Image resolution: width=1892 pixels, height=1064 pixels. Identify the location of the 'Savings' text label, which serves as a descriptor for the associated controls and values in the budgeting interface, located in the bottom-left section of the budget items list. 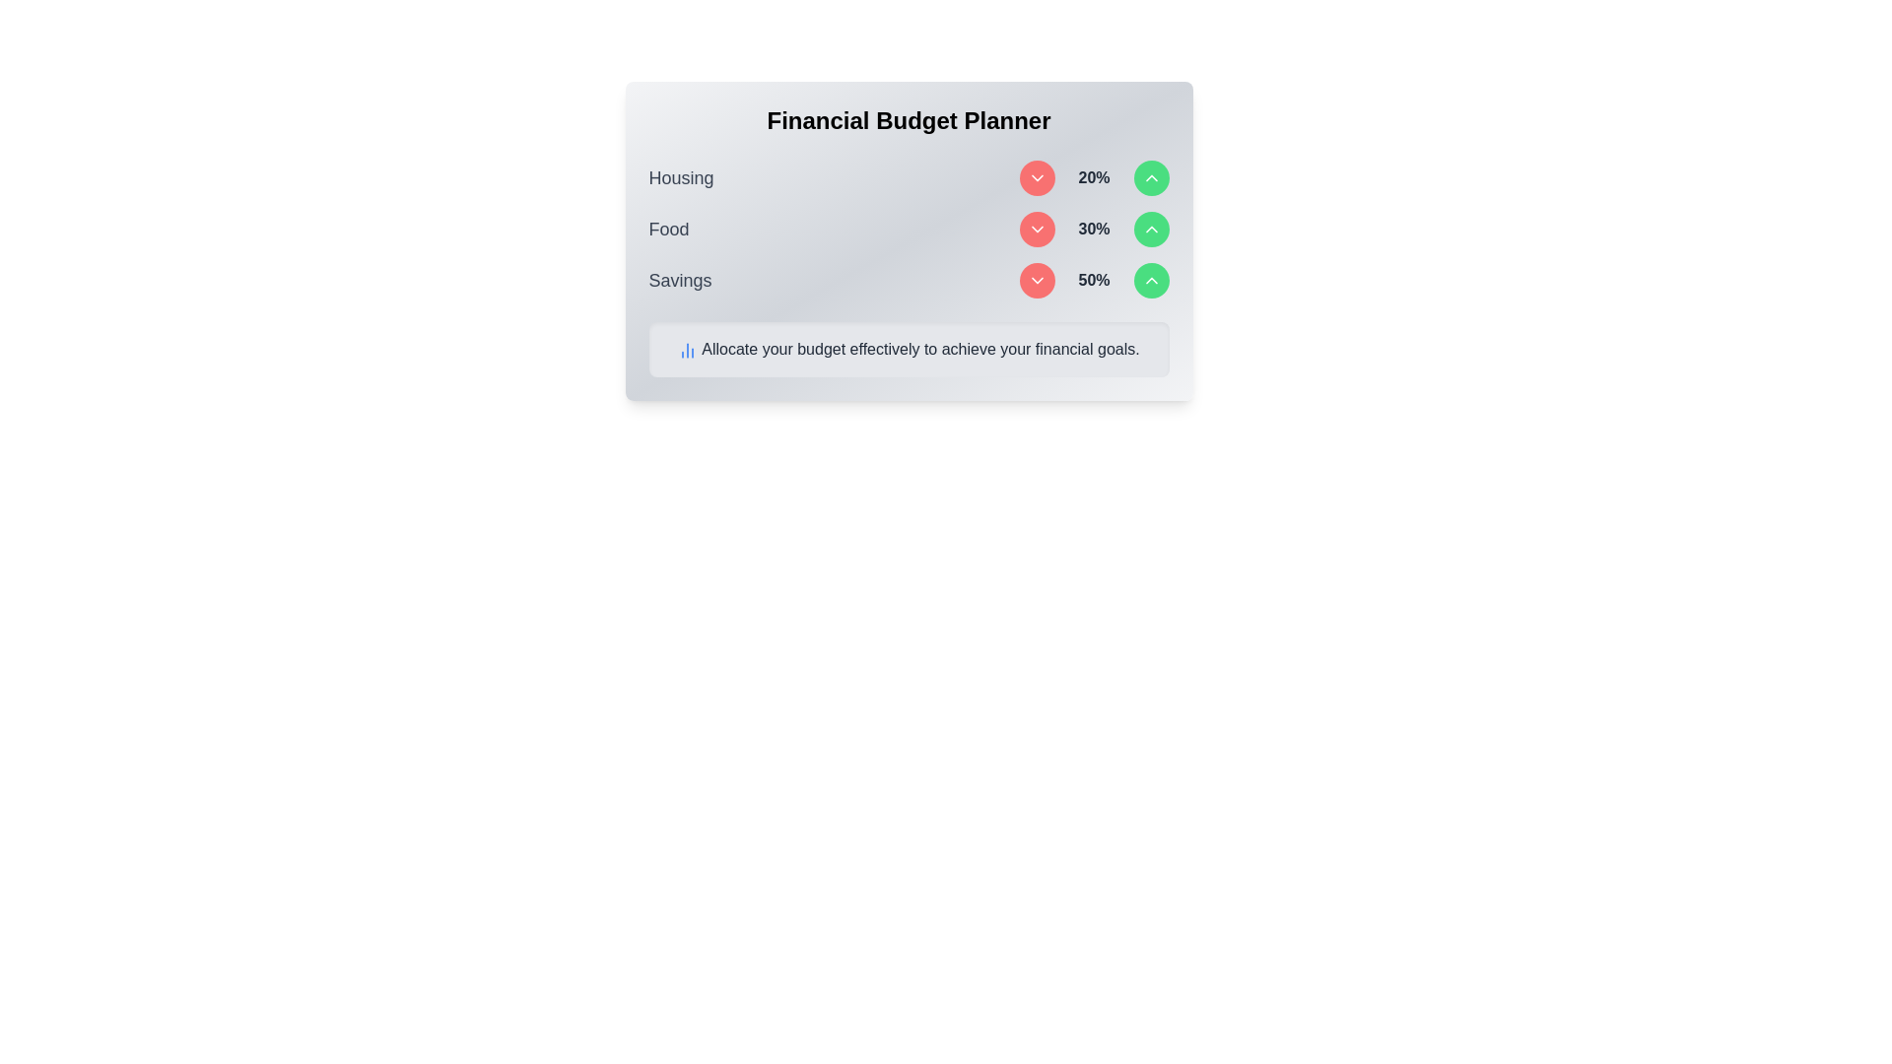
(680, 281).